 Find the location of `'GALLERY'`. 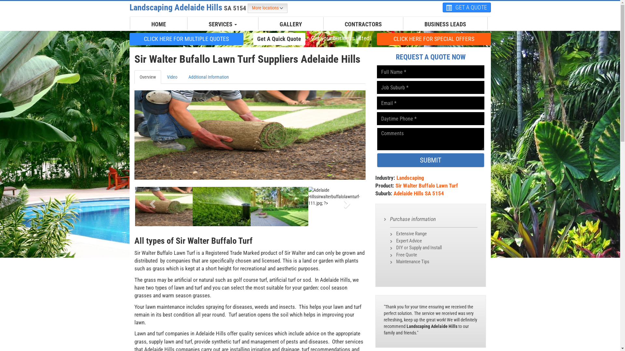

'GALLERY' is located at coordinates (290, 24).